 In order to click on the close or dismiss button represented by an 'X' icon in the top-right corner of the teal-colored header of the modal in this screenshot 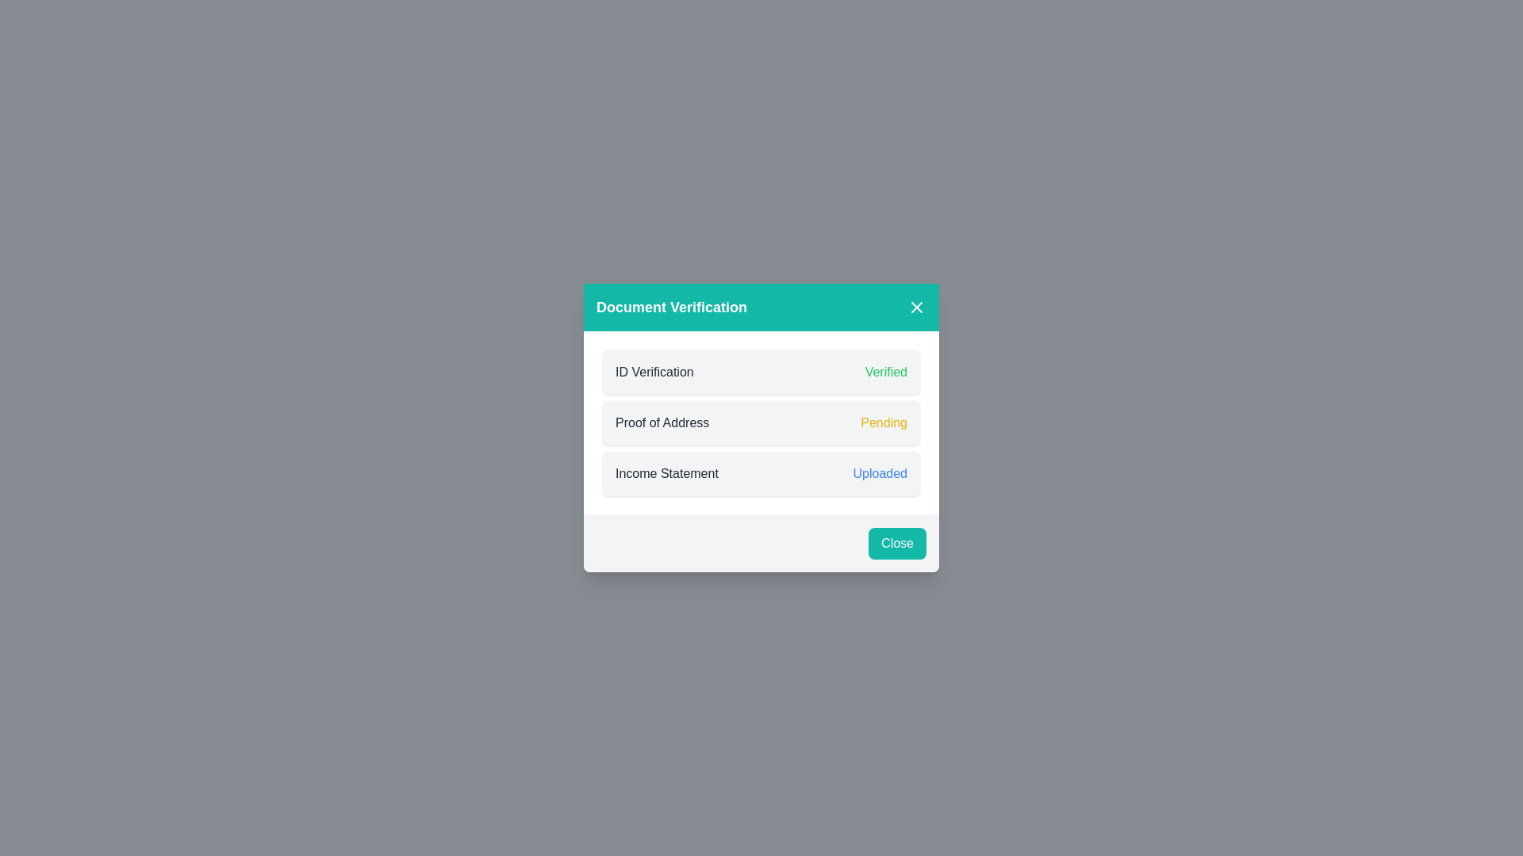, I will do `click(917, 308)`.